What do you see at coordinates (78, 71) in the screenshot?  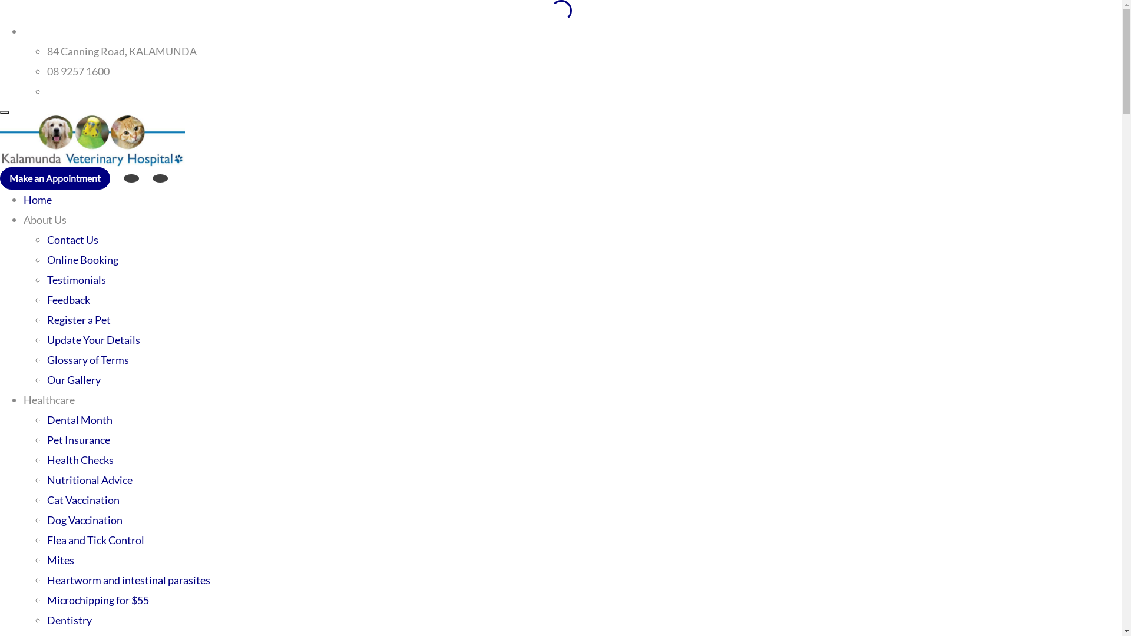 I see `'08 9257 1600'` at bounding box center [78, 71].